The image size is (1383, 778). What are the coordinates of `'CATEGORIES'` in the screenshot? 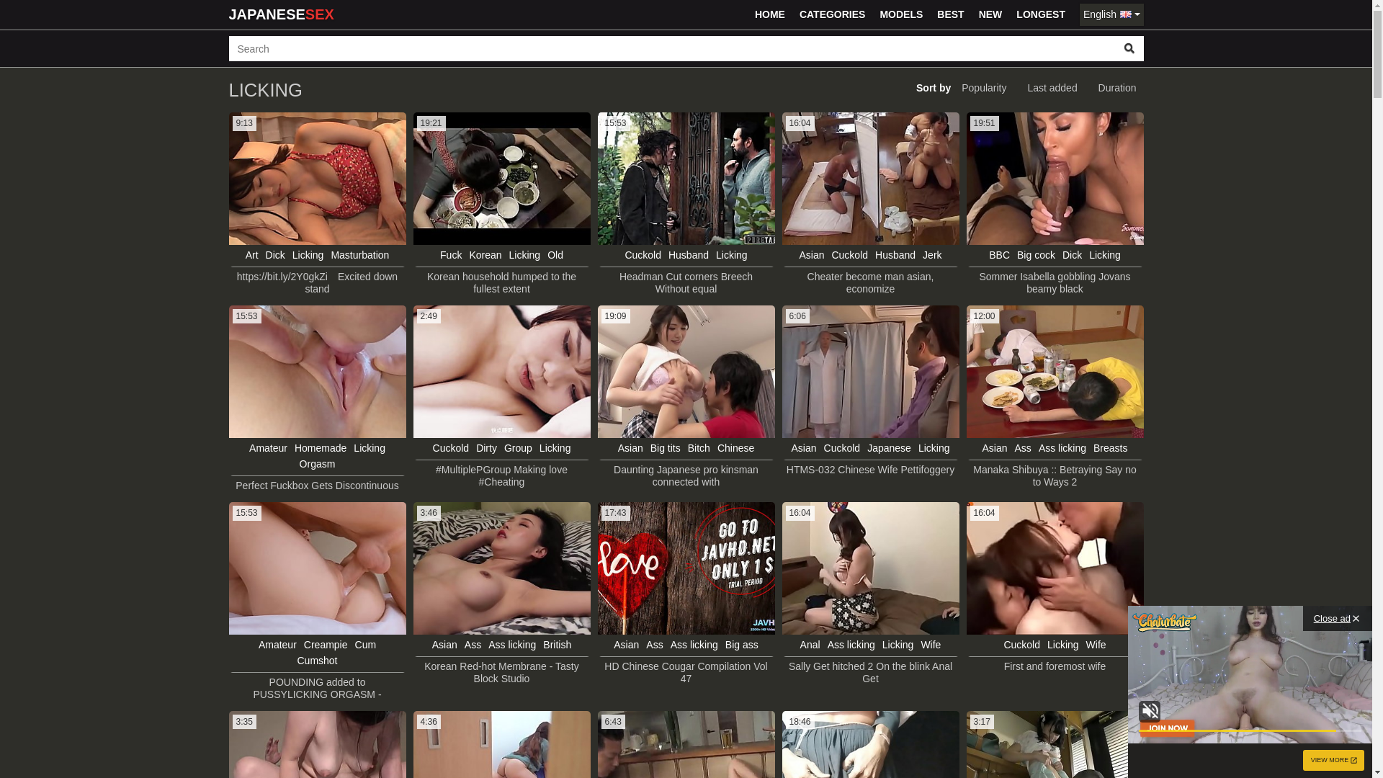 It's located at (833, 14).